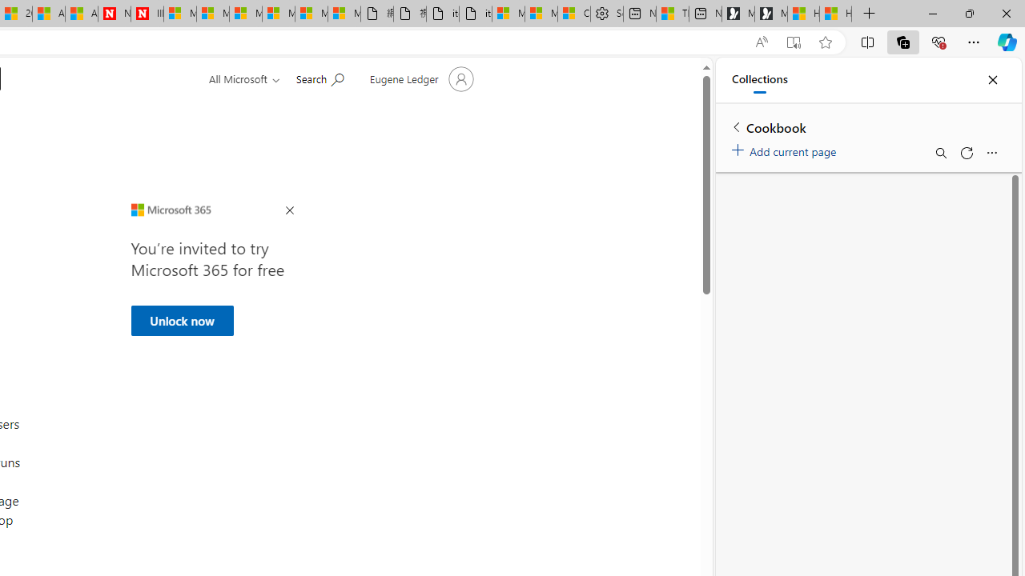 The image size is (1025, 576). Describe the element at coordinates (320, 78) in the screenshot. I see `'Search for help'` at that location.